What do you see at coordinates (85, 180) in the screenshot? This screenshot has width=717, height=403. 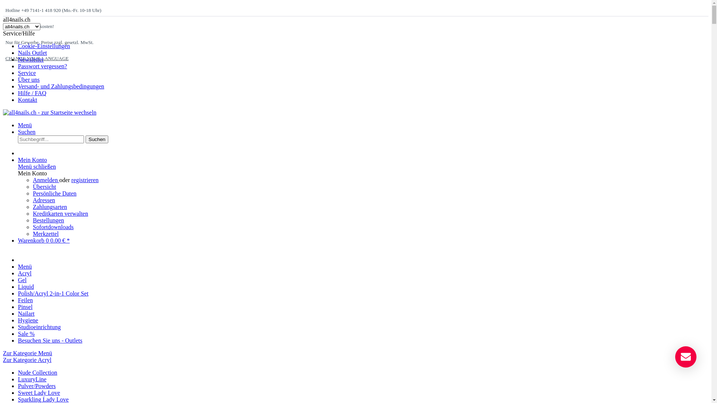 I see `'registrieren'` at bounding box center [85, 180].